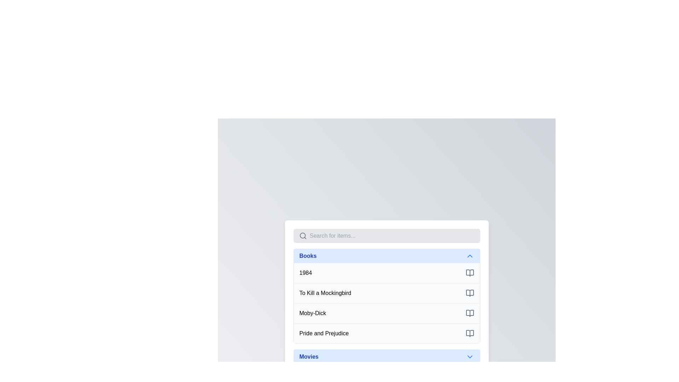  I want to click on the static text label '1984' that indicates an entry, so click(306, 272).